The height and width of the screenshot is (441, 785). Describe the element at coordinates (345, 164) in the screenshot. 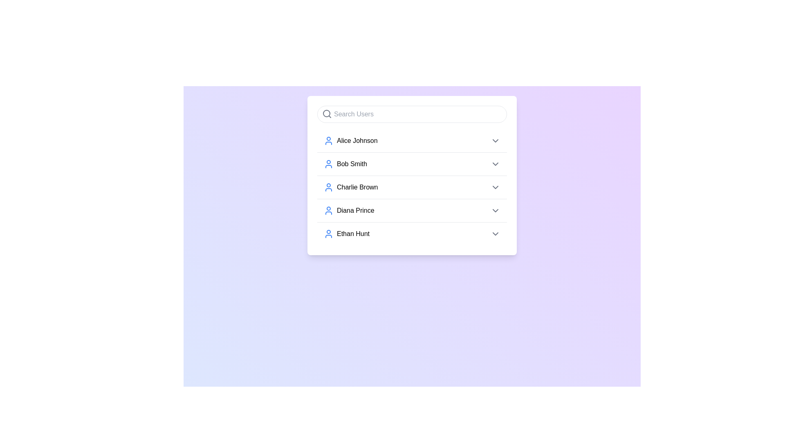

I see `the second user profile list item` at that location.